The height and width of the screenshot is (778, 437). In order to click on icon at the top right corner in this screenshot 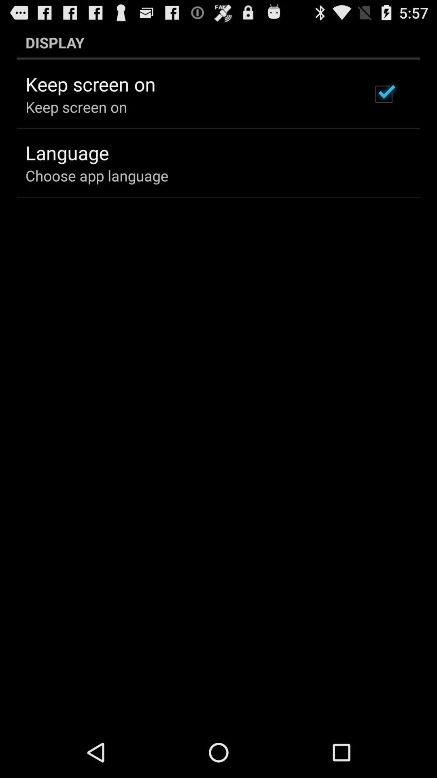, I will do `click(383, 94)`.